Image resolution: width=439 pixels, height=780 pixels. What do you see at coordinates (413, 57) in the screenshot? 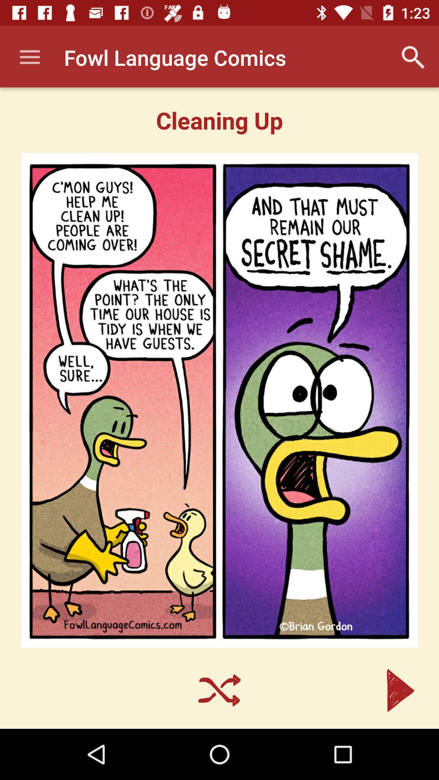
I see `the item to the right of the fowl language comics icon` at bounding box center [413, 57].